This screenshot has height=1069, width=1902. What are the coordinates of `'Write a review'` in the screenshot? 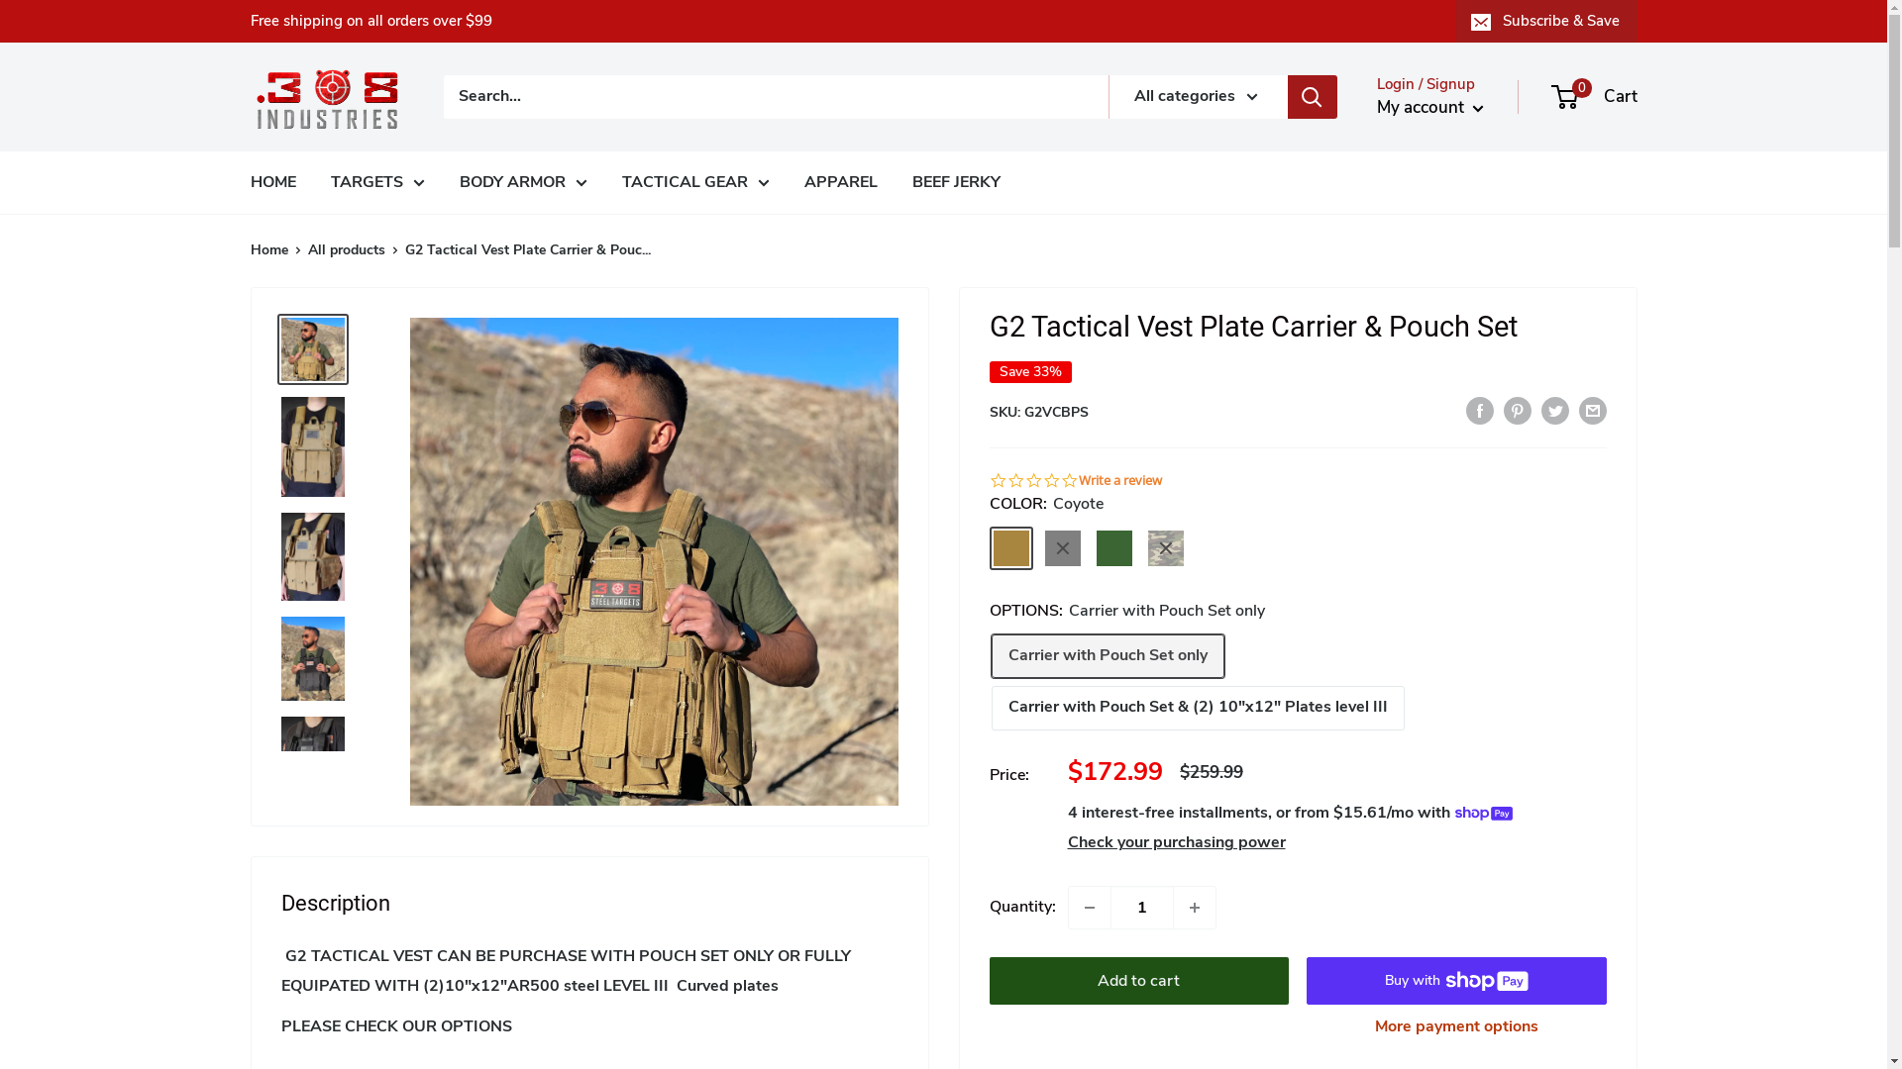 It's located at (1118, 481).